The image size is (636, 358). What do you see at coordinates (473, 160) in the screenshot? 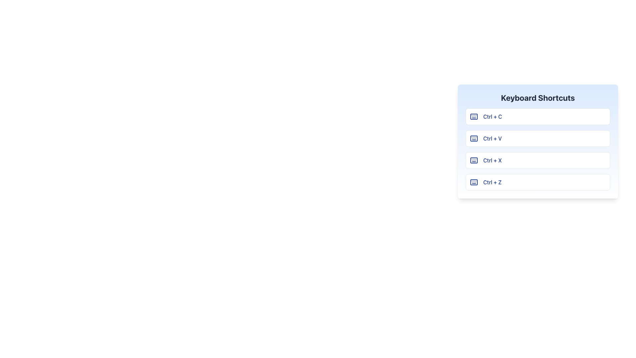
I see `the decorative background rectangle of the keyboard icon for the 'Ctrl + X' shortcut, which is located below 'Ctrl + V' and above 'Ctrl + Z'` at bounding box center [473, 160].